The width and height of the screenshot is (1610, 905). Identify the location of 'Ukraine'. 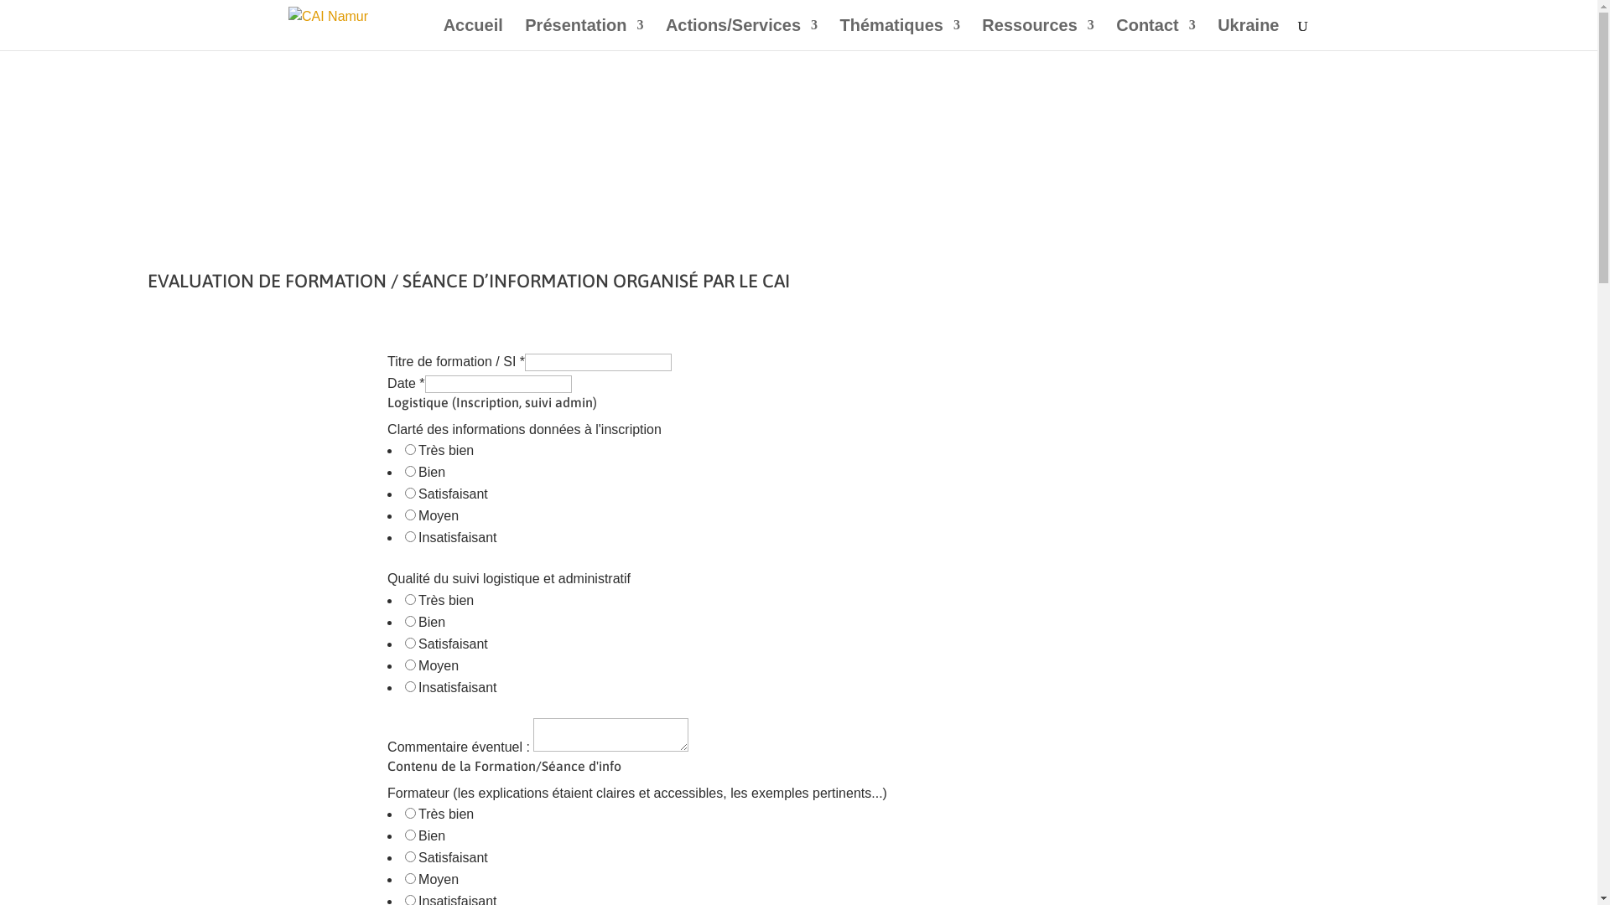
(1248, 34).